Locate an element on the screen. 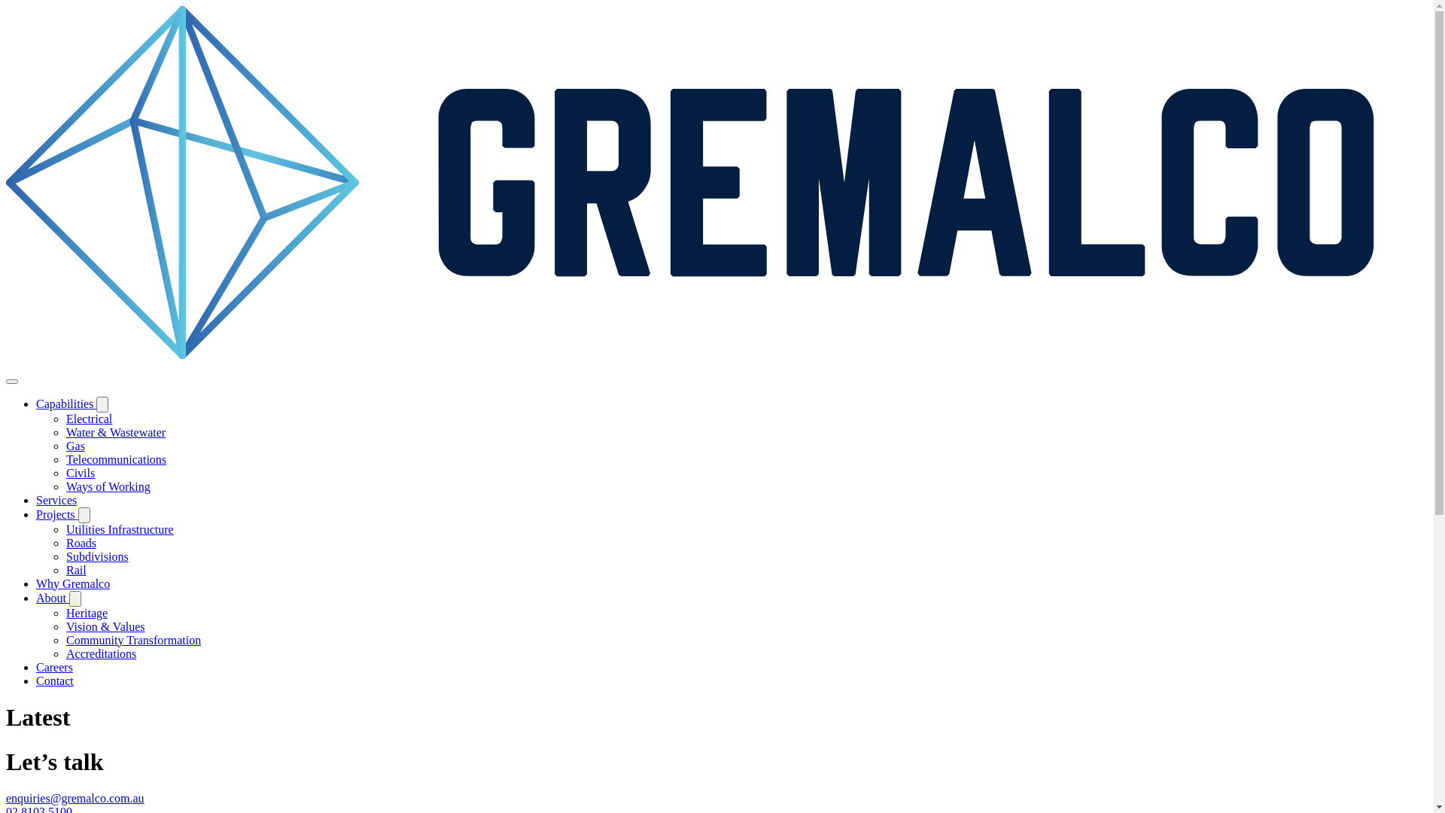  'Vision & Values' is located at coordinates (105, 626).